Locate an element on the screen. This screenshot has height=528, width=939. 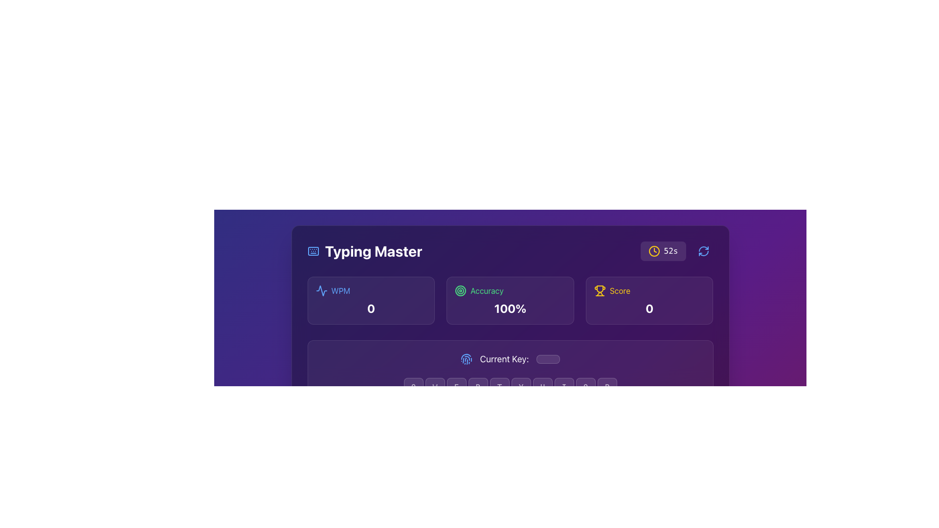
the circular blue refresh icon located at the top right portion of the interface, next to the time display labeled '56s' is located at coordinates (703, 250).